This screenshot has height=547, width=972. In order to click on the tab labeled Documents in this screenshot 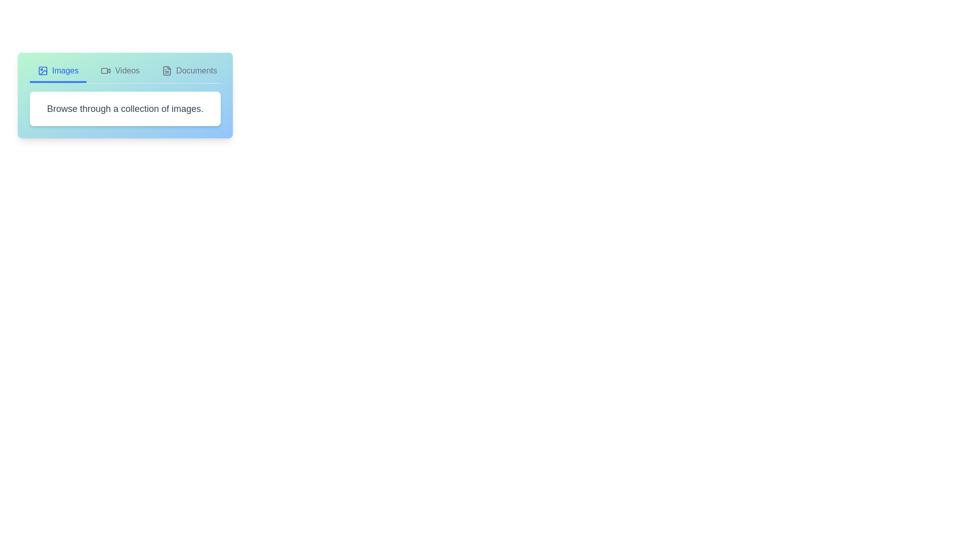, I will do `click(189, 73)`.